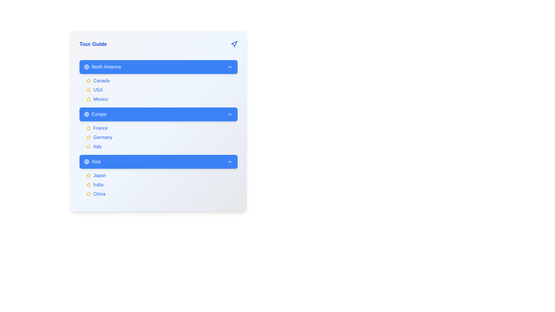 The image size is (555, 312). I want to click on the yellow star icon with sharp tips located under the 'North America' section, so click(88, 81).